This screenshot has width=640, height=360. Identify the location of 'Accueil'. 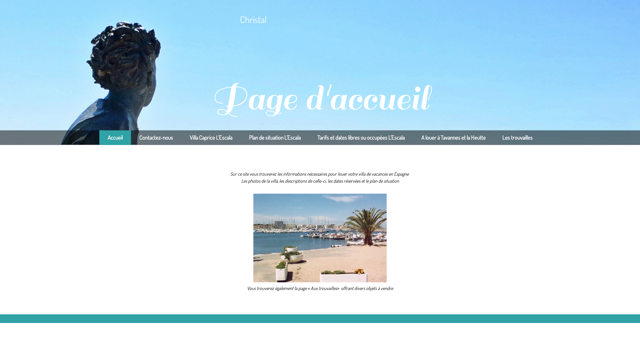
(99, 137).